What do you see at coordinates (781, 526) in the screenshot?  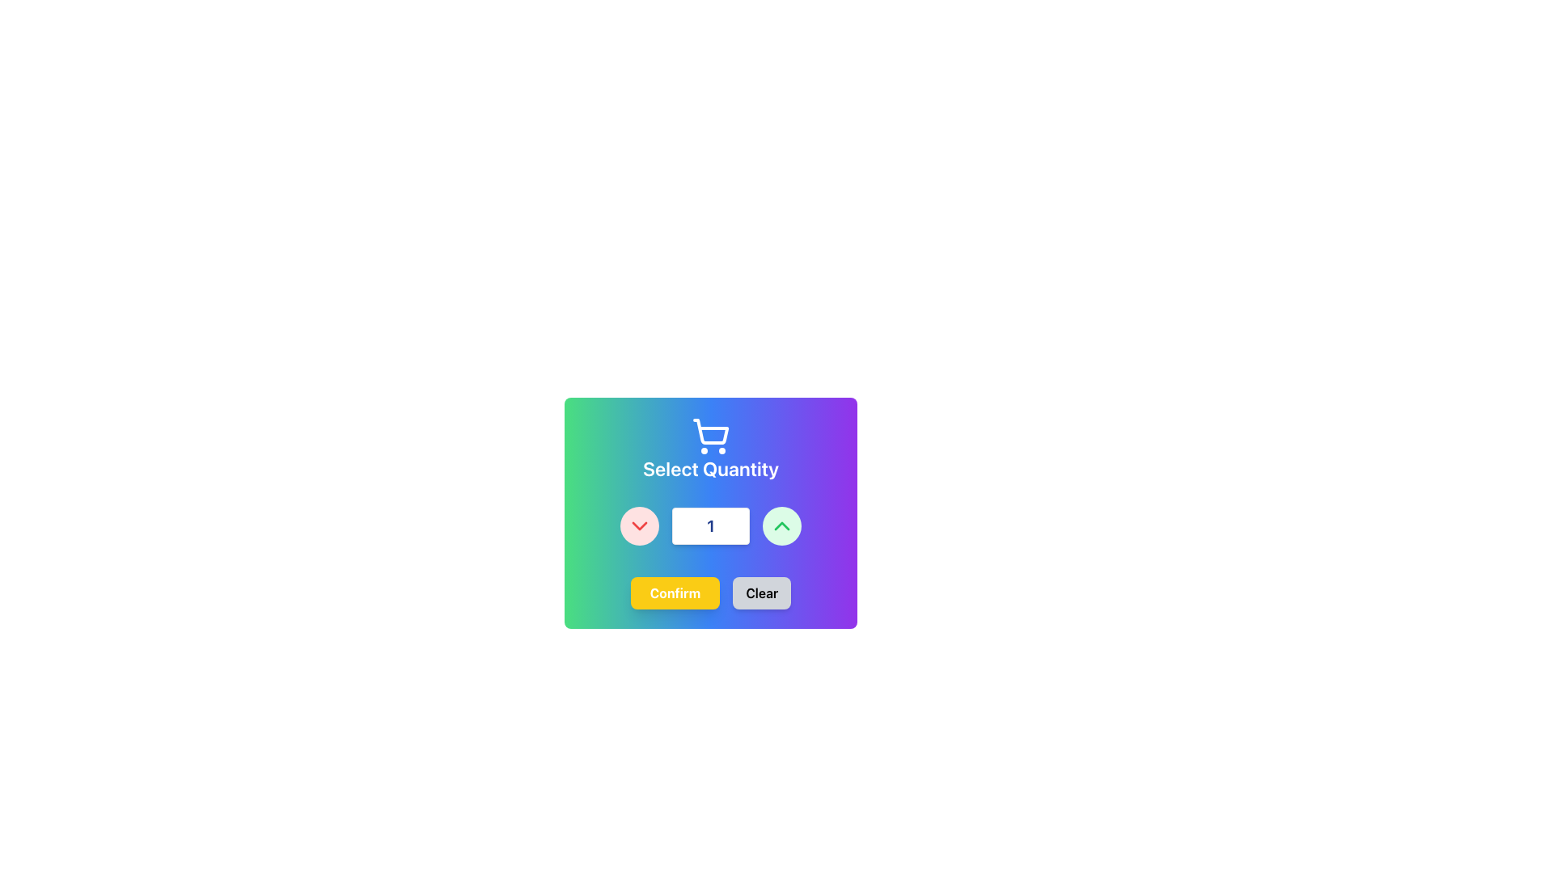 I see `the green chevron-up icon above the numeric input field to increment the value` at bounding box center [781, 526].